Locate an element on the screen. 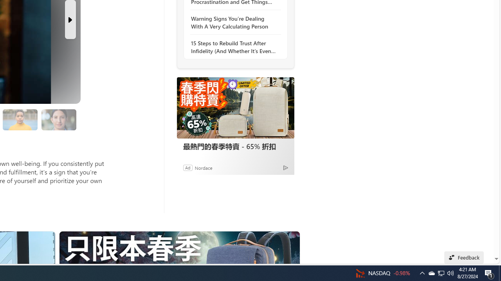  'Next Slide' is located at coordinates (70, 19).